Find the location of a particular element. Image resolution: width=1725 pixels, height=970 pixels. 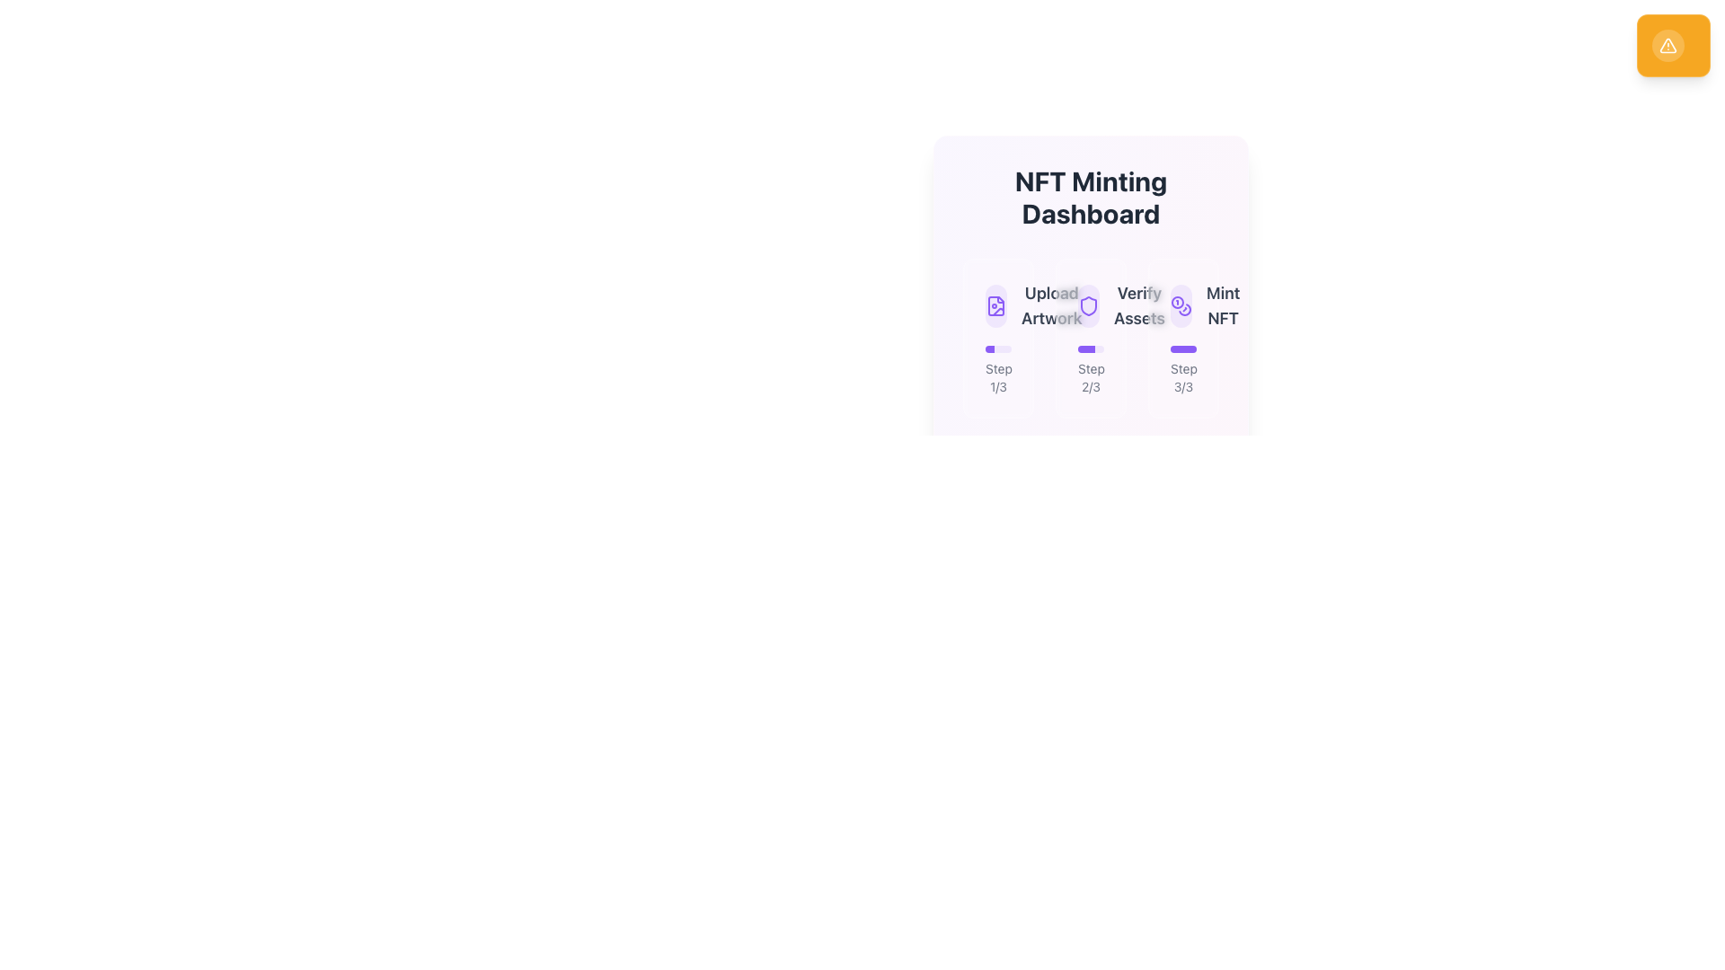

the shield icon representing protection or verification in the 'Verify Assets' section of the step 2 interface is located at coordinates (1087, 304).